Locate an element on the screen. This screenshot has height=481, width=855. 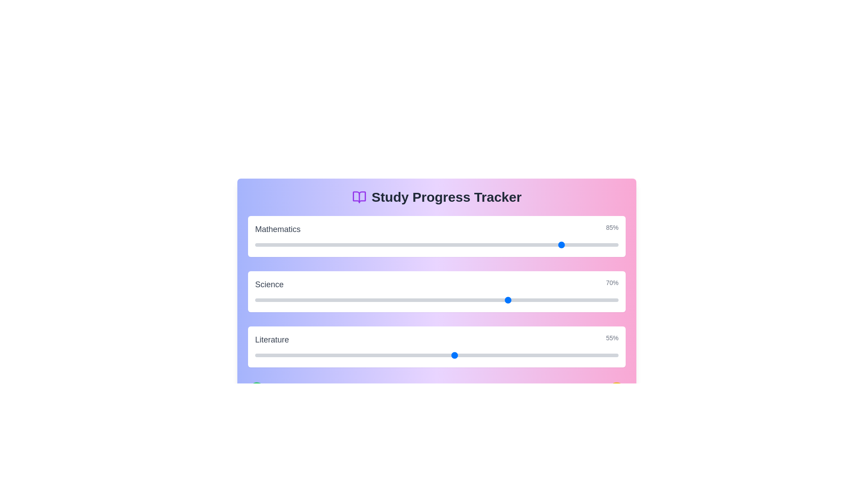
the Literature progress slider to 74% is located at coordinates (524, 355).